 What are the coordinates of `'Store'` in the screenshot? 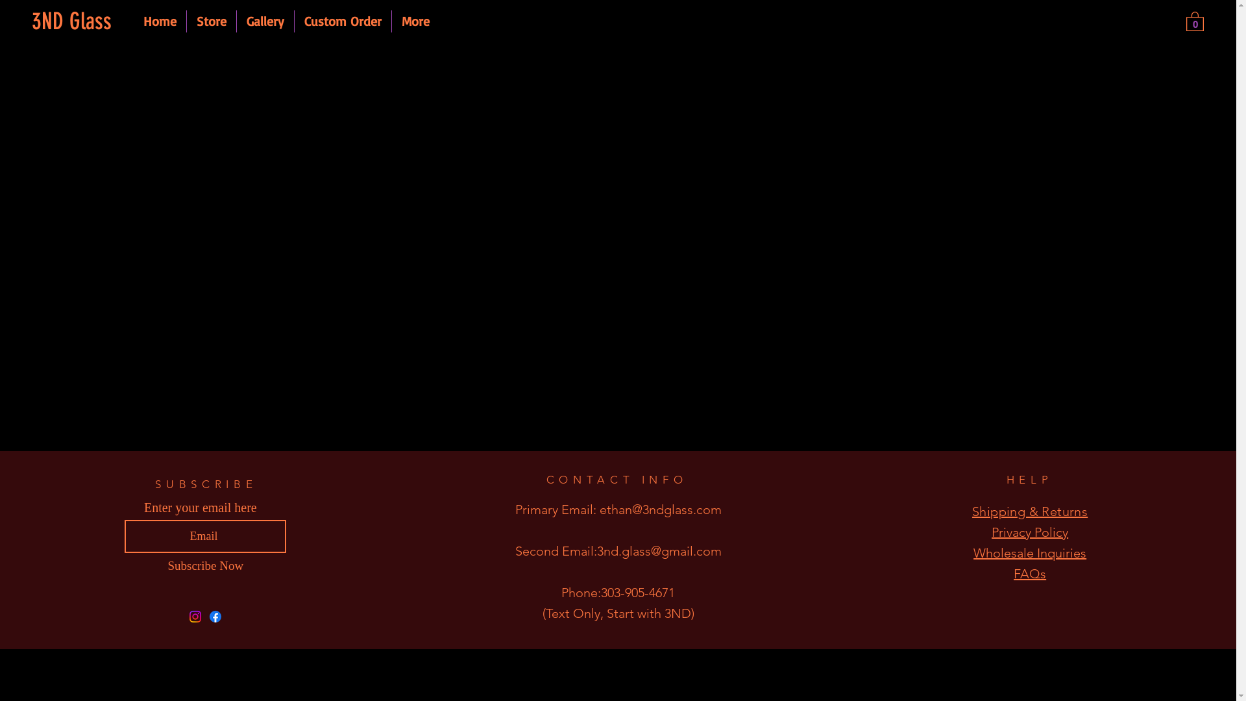 It's located at (212, 21).